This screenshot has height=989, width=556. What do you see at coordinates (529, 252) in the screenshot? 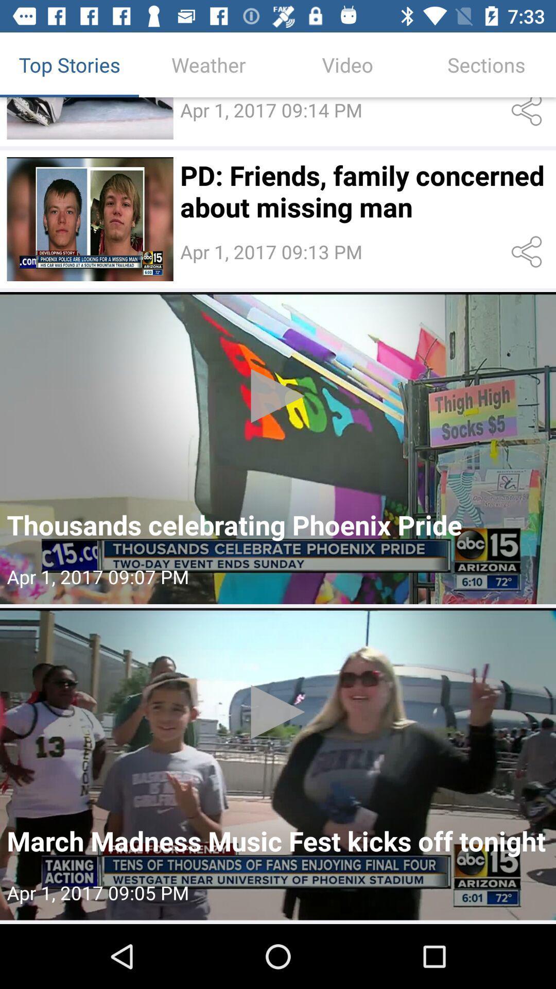
I see `share article` at bounding box center [529, 252].